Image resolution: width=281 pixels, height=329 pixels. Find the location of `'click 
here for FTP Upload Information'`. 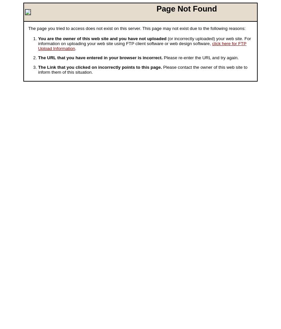

'click 
here for FTP Upload Information' is located at coordinates (37, 46).